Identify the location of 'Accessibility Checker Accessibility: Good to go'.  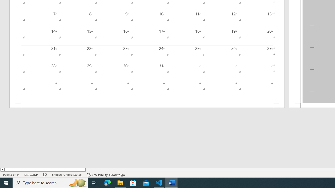
(106, 175).